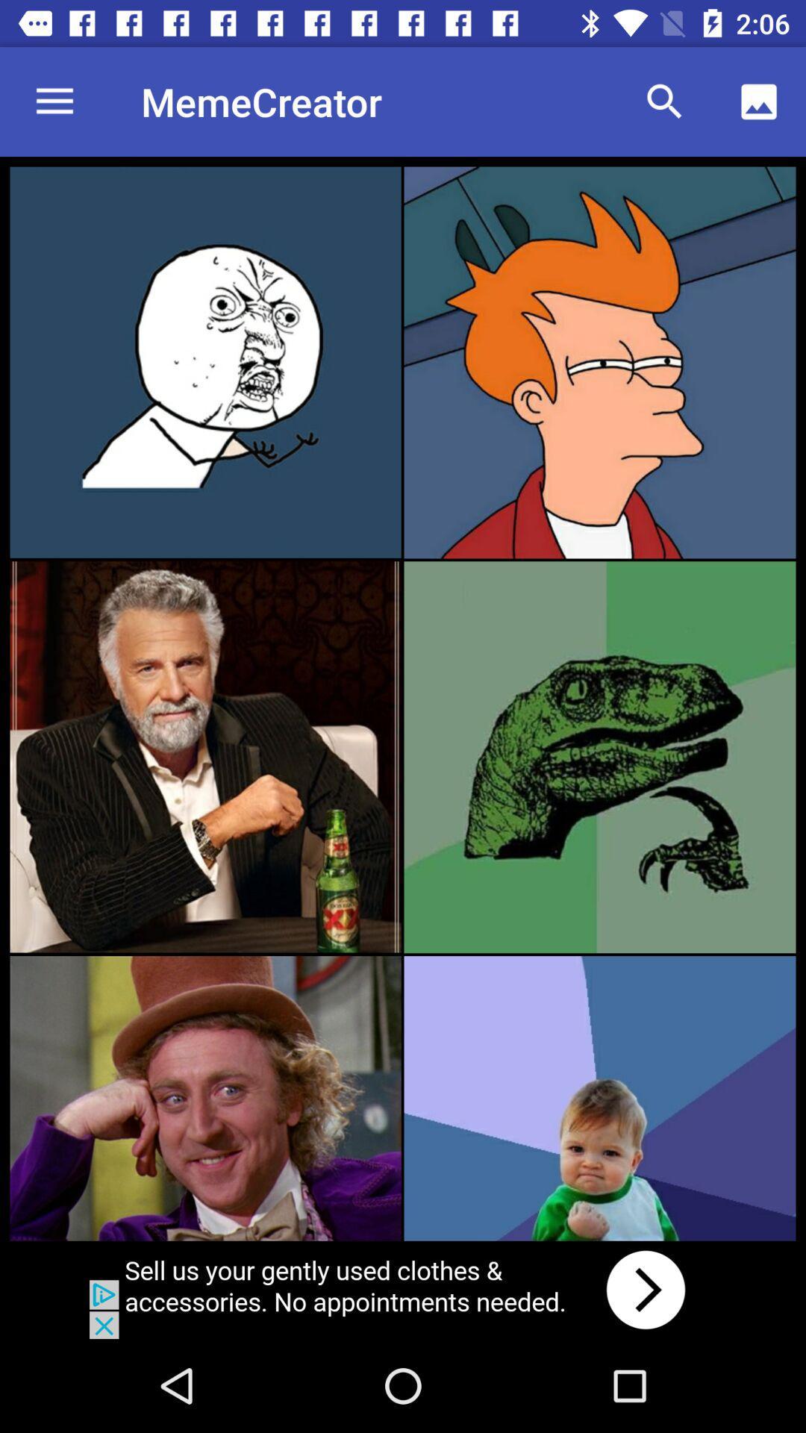 The width and height of the screenshot is (806, 1433). Describe the element at coordinates (205, 362) in the screenshot. I see `first meme` at that location.